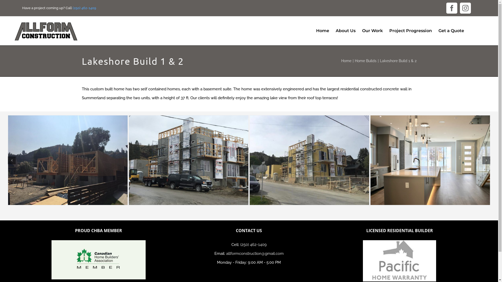  Describe the element at coordinates (451, 31) in the screenshot. I see `'Get a Quote'` at that location.